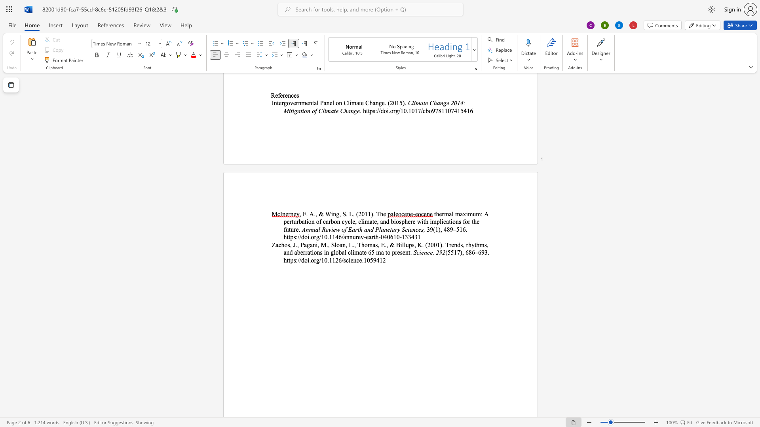 This screenshot has height=427, width=760. I want to click on the 6th character "a" in the text, so click(382, 252).